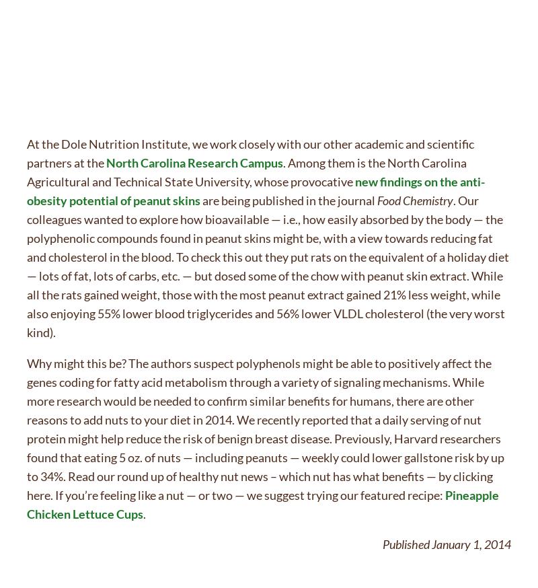 The height and width of the screenshot is (588, 538). What do you see at coordinates (249, 153) in the screenshot?
I see `'At the Dole Nutrition Institute, we work closely with our other academic and scientific partners at the'` at bounding box center [249, 153].